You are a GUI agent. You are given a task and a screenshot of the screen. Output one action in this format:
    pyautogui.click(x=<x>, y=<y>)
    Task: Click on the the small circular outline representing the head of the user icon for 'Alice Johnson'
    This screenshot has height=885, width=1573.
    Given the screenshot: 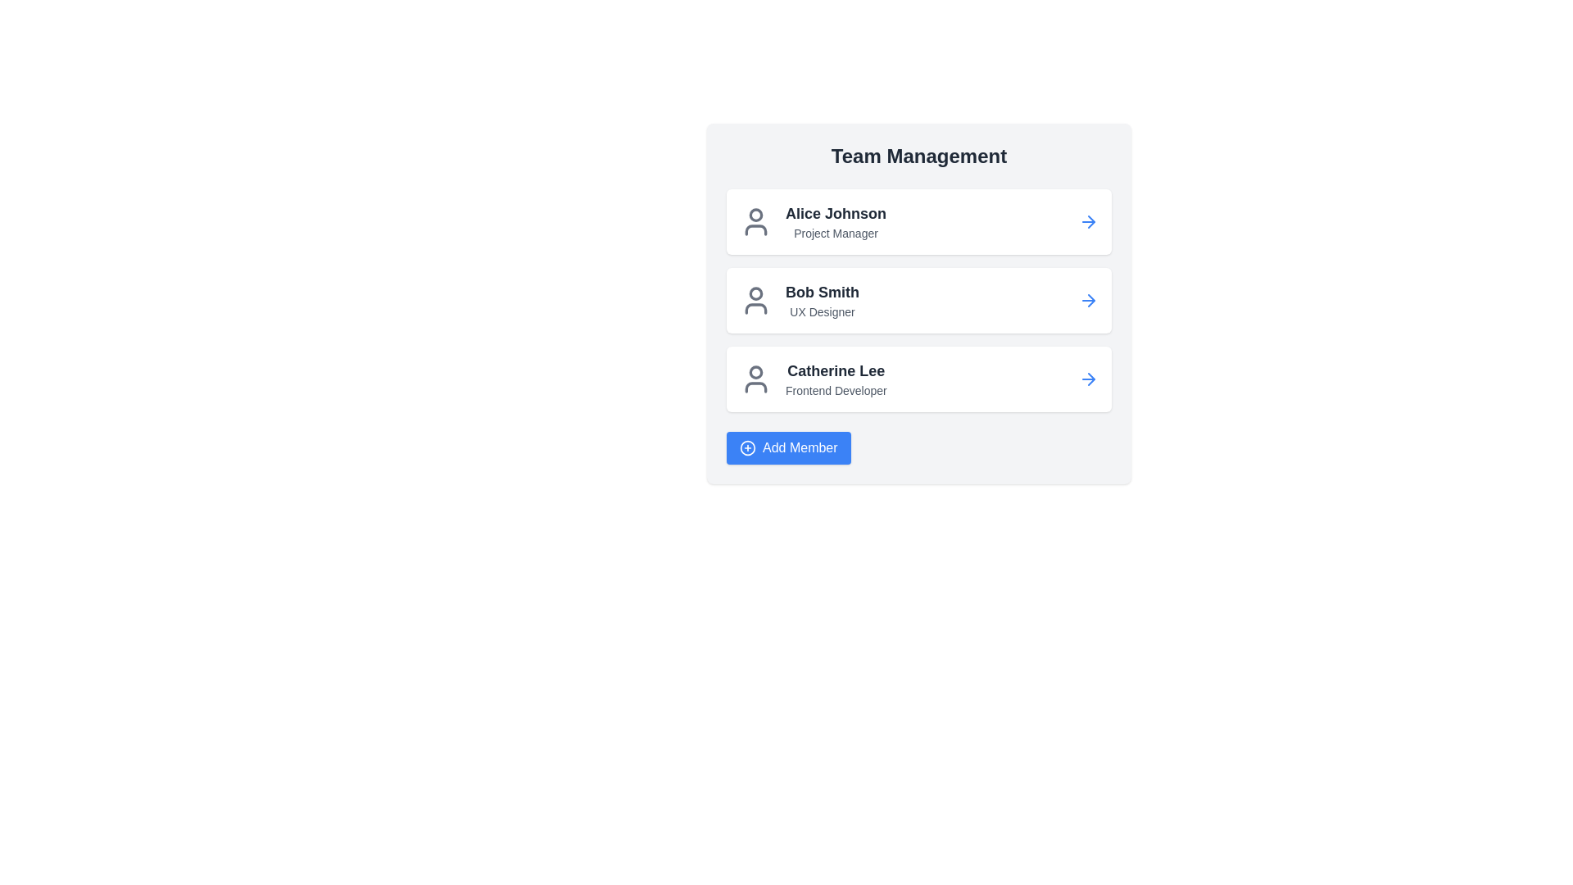 What is the action you would take?
    pyautogui.click(x=755, y=214)
    